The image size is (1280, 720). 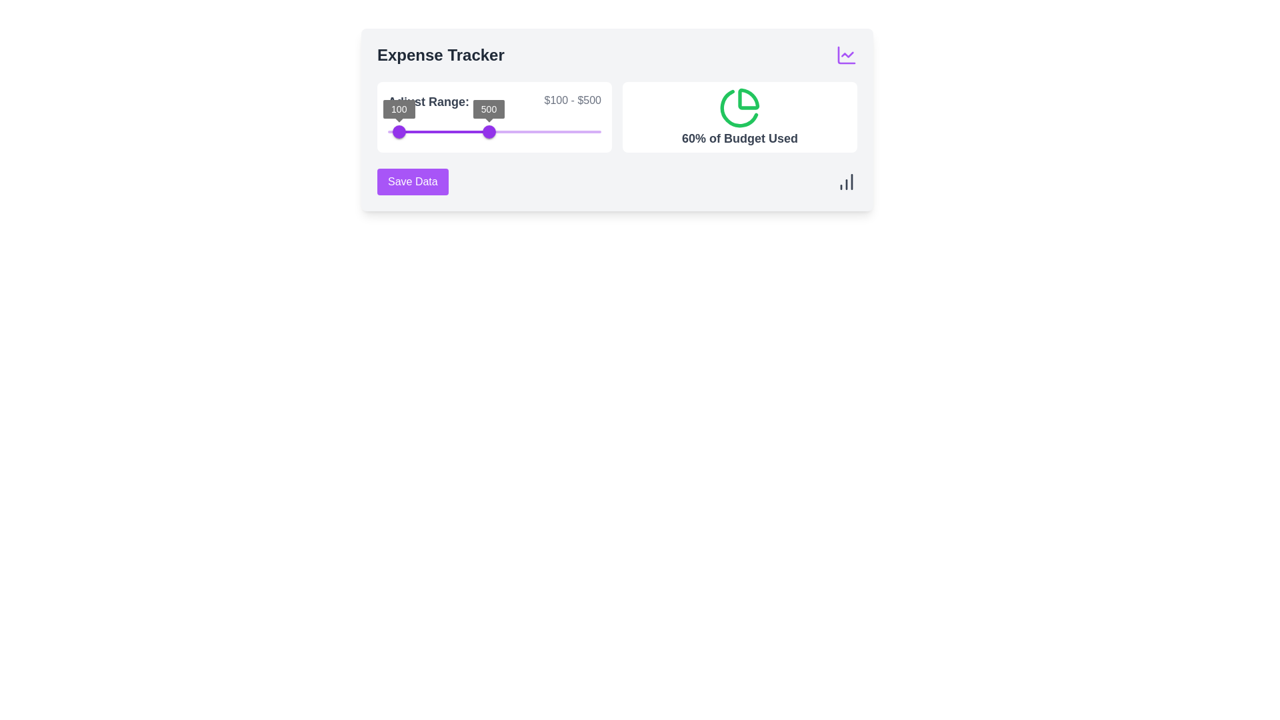 What do you see at coordinates (321, 133) in the screenshot?
I see `the target slider's value` at bounding box center [321, 133].